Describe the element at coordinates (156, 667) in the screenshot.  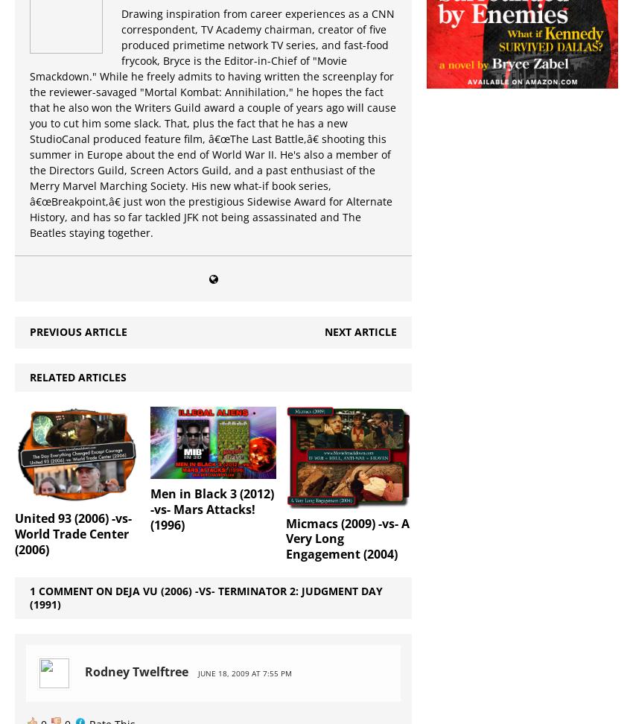
I see `'[ March 15, 2012 ]'` at that location.